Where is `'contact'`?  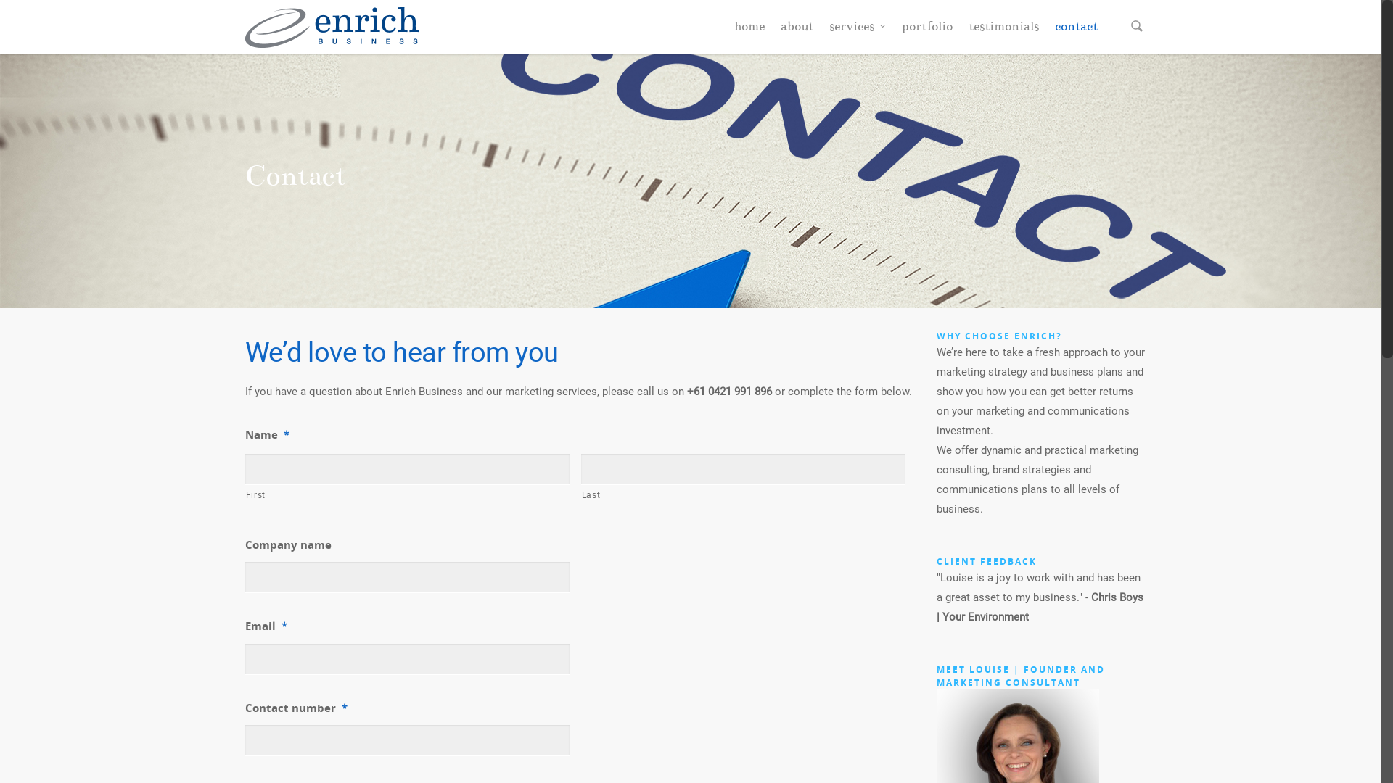 'contact' is located at coordinates (1076, 30).